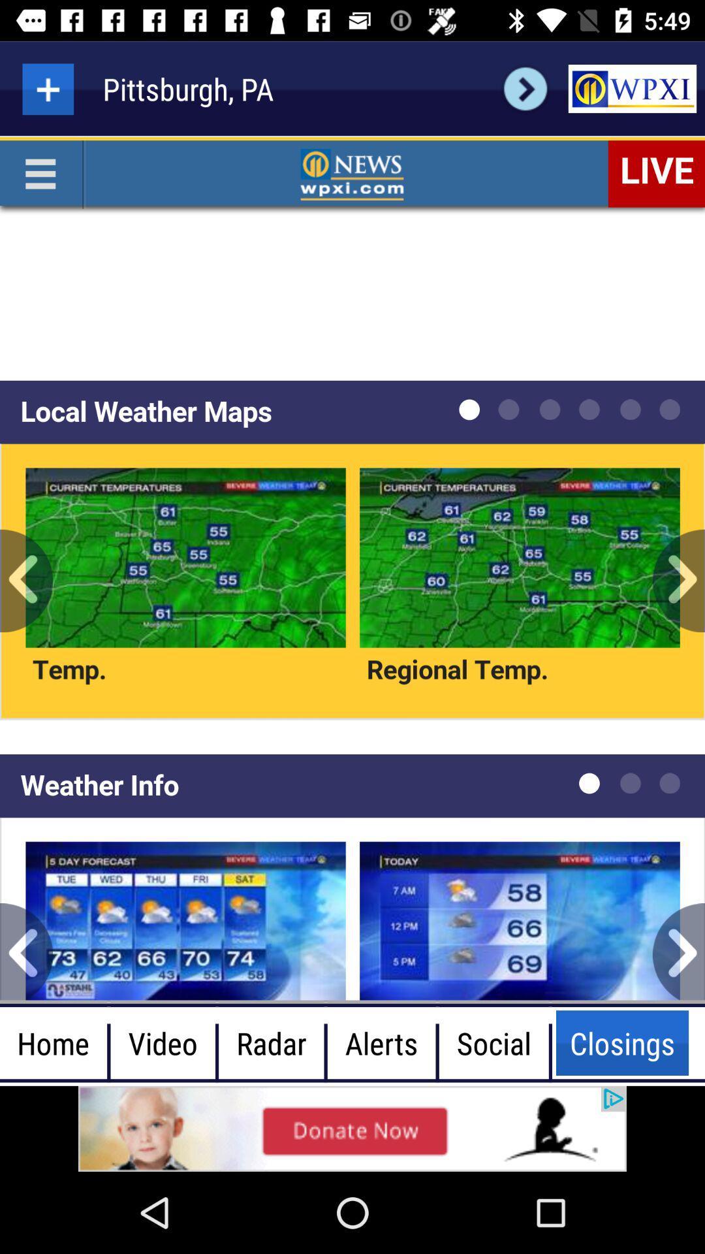 The height and width of the screenshot is (1254, 705). Describe the element at coordinates (47, 88) in the screenshot. I see `location` at that location.